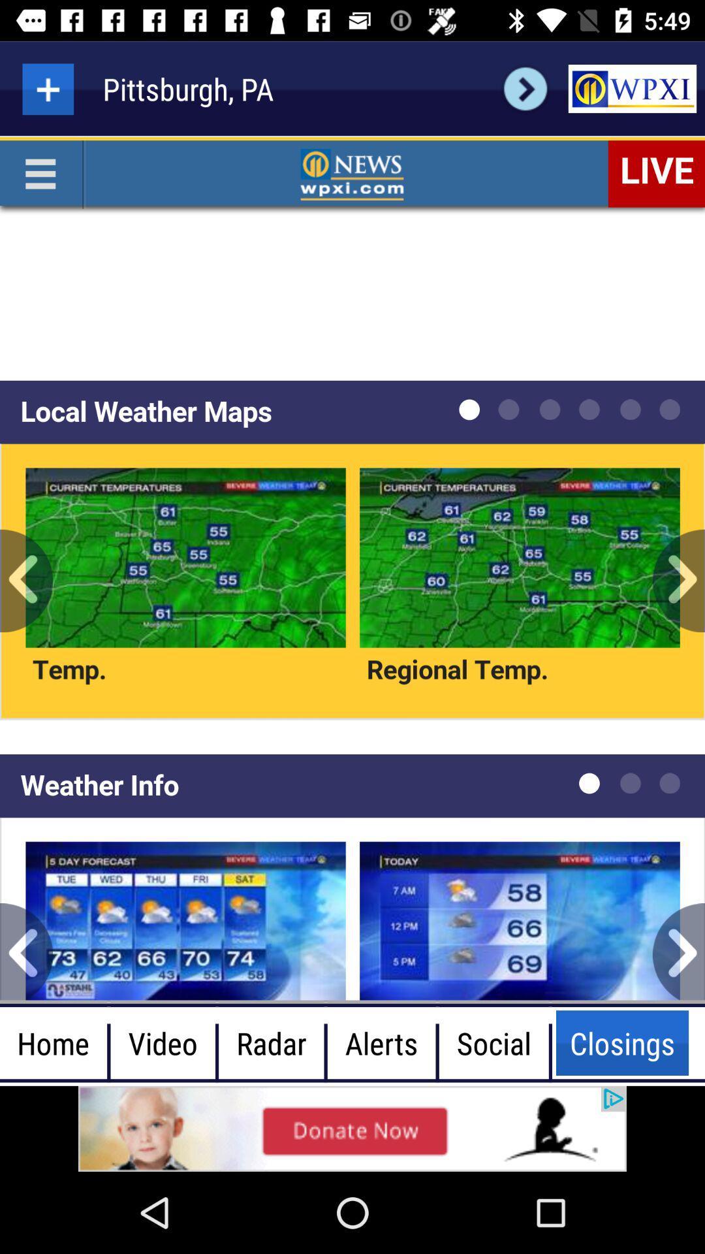 The height and width of the screenshot is (1254, 705). Describe the element at coordinates (47, 88) in the screenshot. I see `location` at that location.